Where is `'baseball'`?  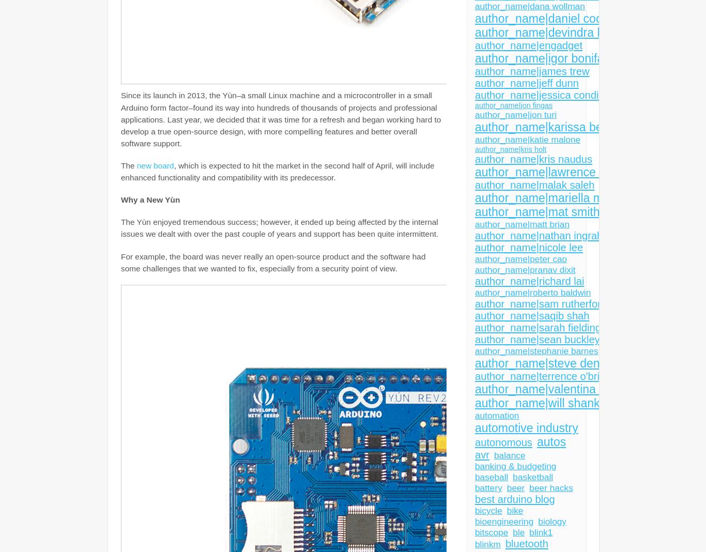
'baseball' is located at coordinates (492, 476).